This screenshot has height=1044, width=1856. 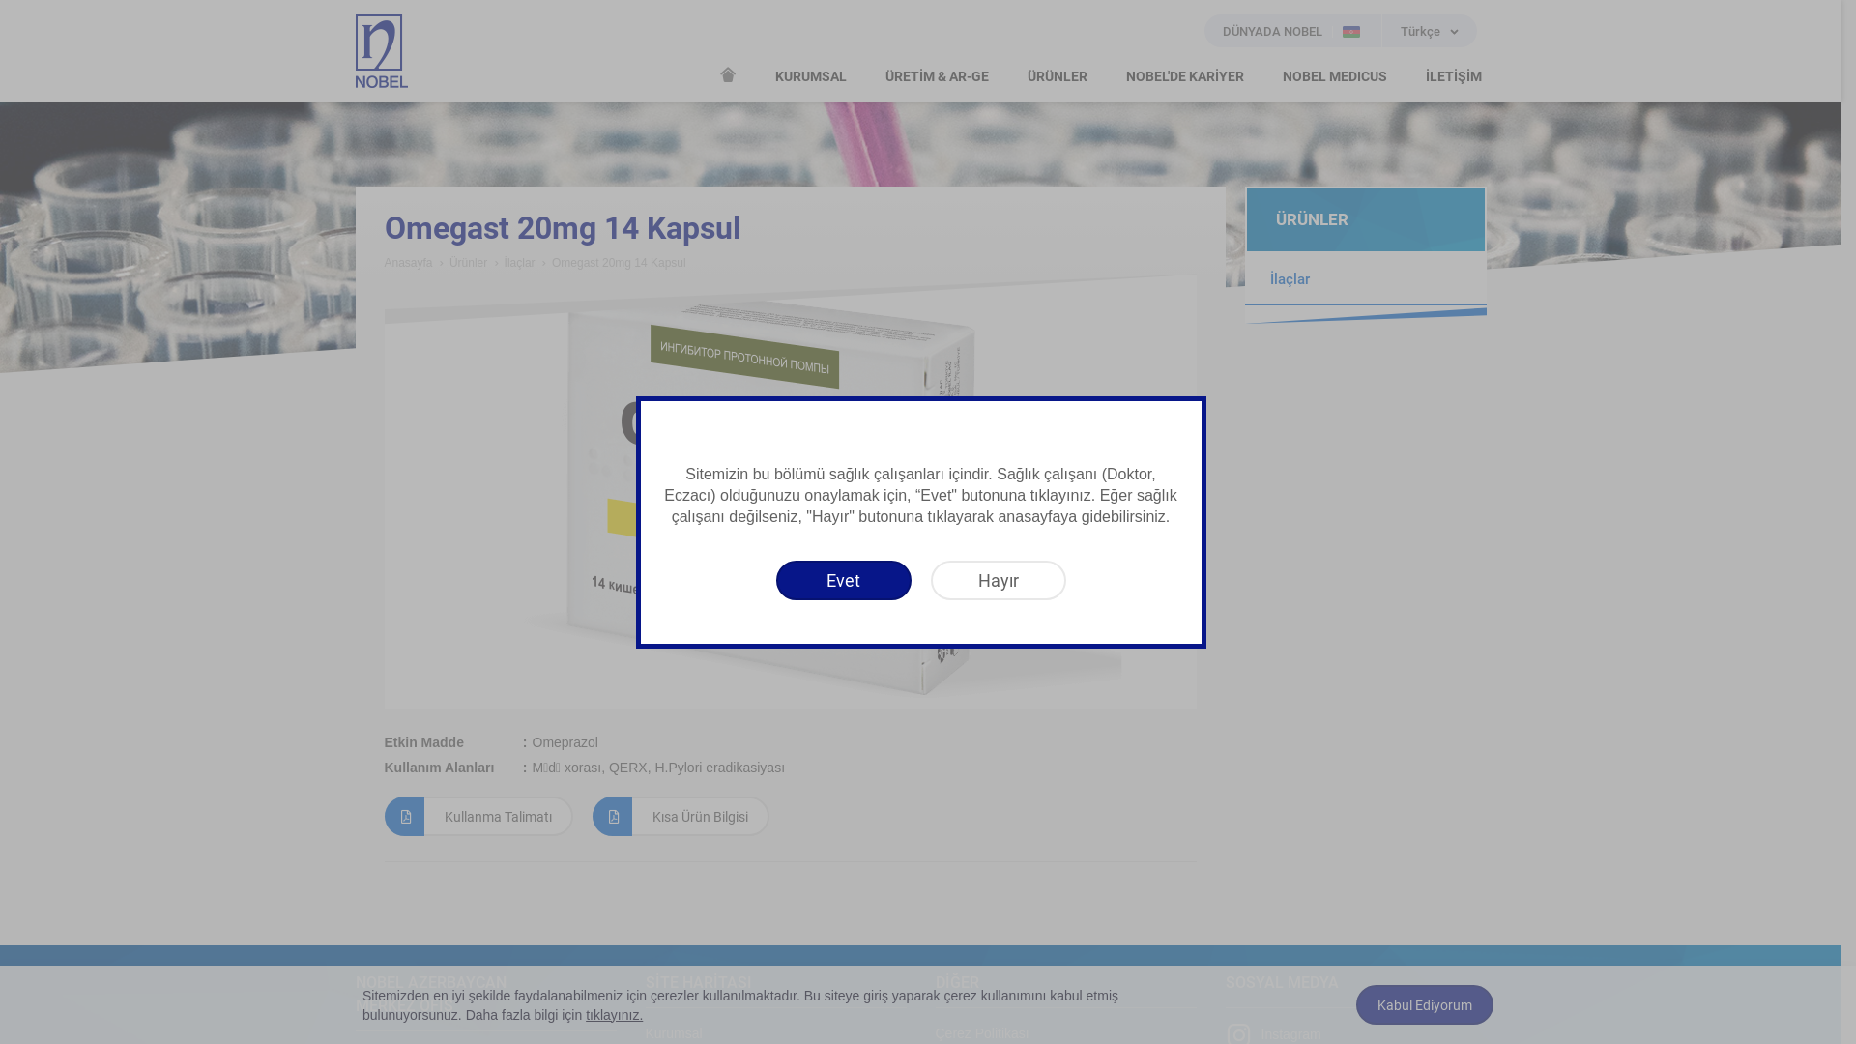 I want to click on 'Instagram', so click(x=1273, y=1032).